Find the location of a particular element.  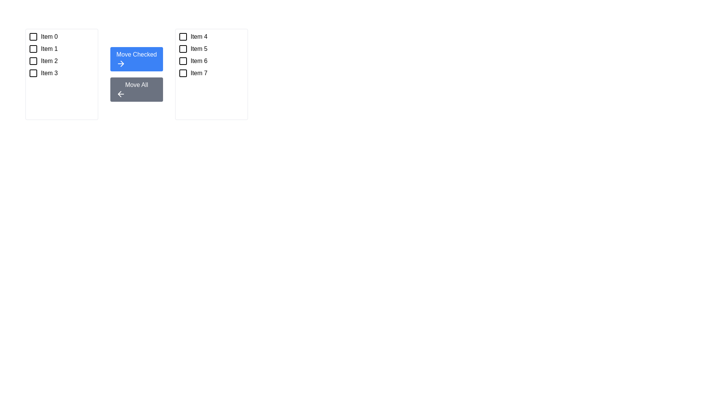

the associated checkbox next to the descriptive label that is the first item in a vertically arranged list in the rightmost column of the interface is located at coordinates (199, 36).